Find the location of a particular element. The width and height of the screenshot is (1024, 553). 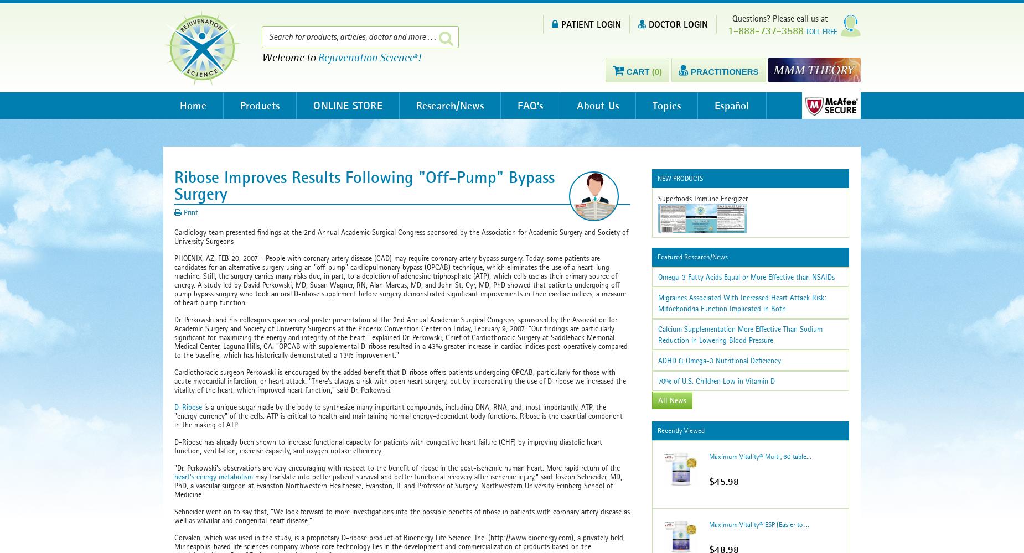

'Maximum Vitality® ESP (Easier to ...' is located at coordinates (758, 524).